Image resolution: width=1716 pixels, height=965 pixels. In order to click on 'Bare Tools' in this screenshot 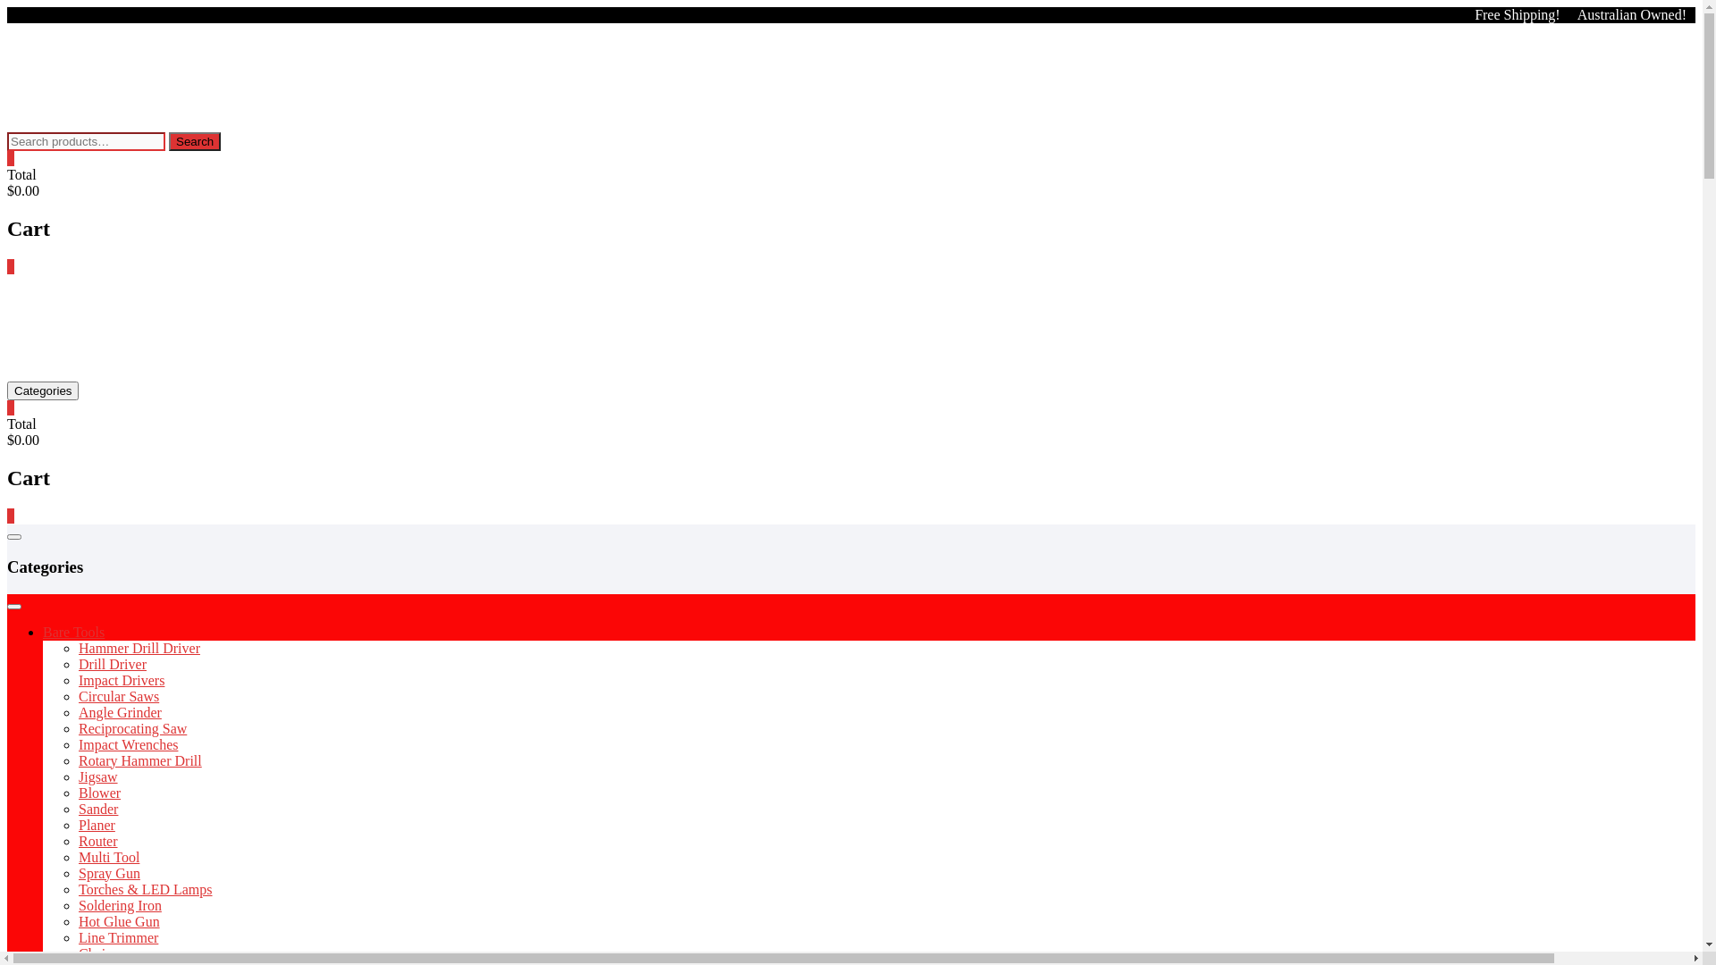, I will do `click(72, 631)`.